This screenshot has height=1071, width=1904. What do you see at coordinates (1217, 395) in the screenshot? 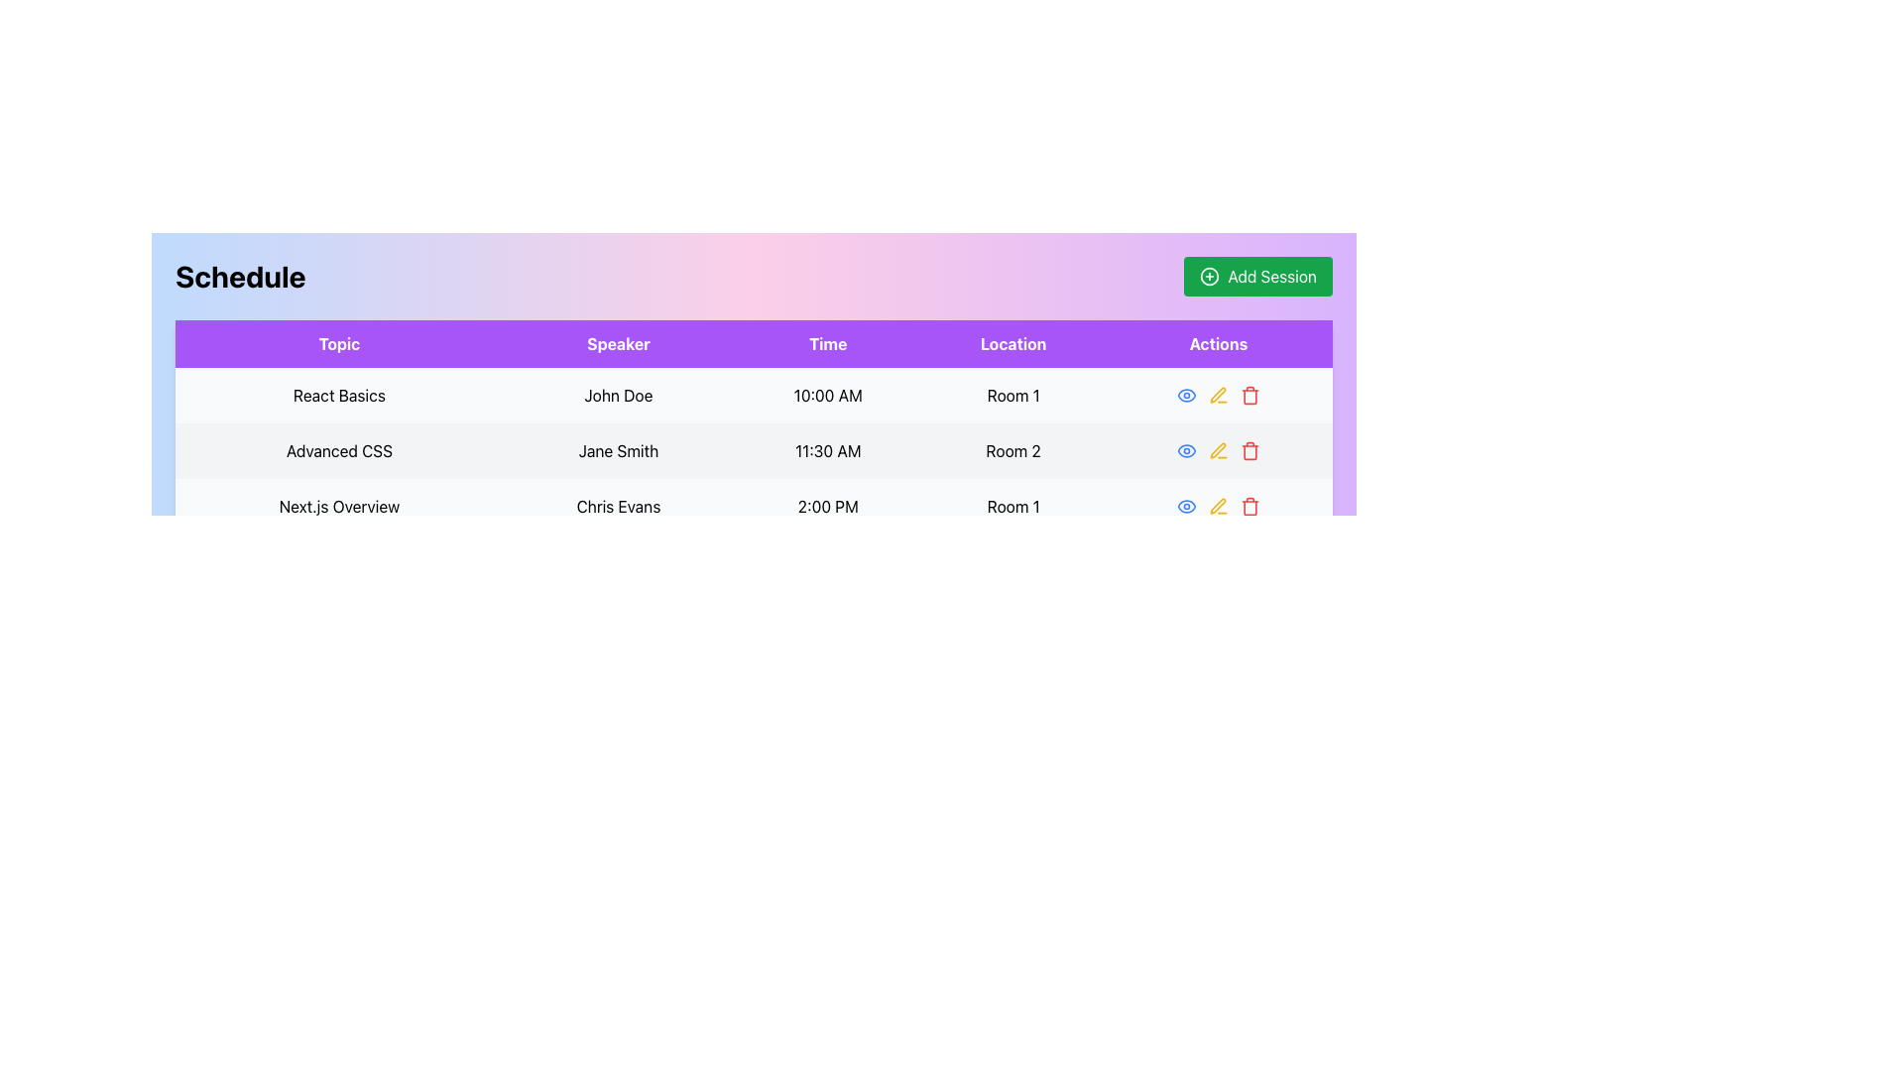
I see `the pen icon located in the 'Actions' column of the second row of a table` at bounding box center [1217, 395].